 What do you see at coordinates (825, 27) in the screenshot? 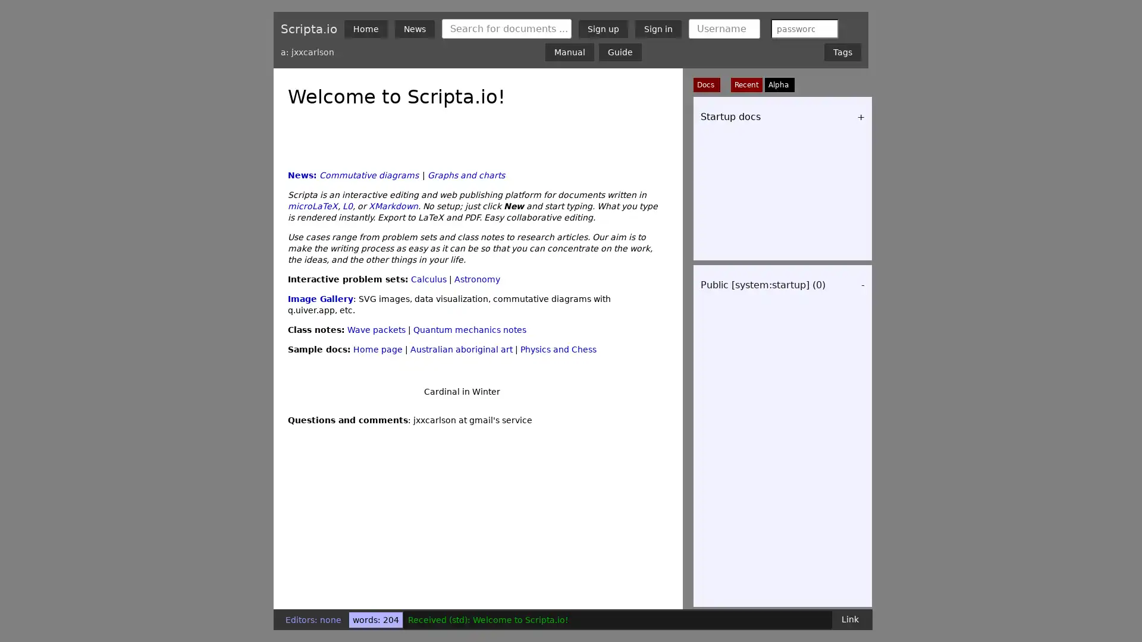
I see `x` at bounding box center [825, 27].